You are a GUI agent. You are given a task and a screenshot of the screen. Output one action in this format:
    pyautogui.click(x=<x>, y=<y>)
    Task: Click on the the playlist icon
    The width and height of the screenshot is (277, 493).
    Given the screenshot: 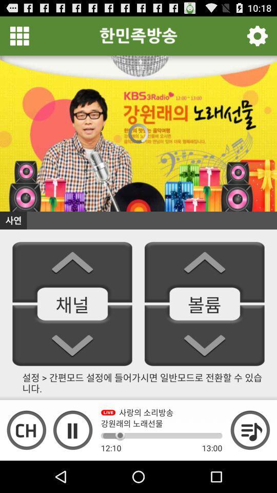 What is the action you would take?
    pyautogui.click(x=250, y=460)
    